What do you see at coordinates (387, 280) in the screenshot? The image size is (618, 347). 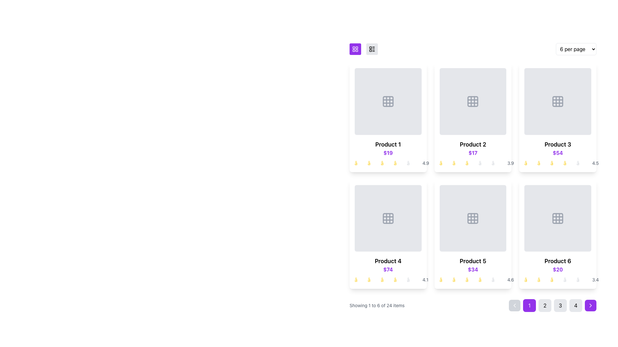 I see `the non-interactive Rating indicator located under the price section of the fourth product in a grid of six displayed products` at bounding box center [387, 280].